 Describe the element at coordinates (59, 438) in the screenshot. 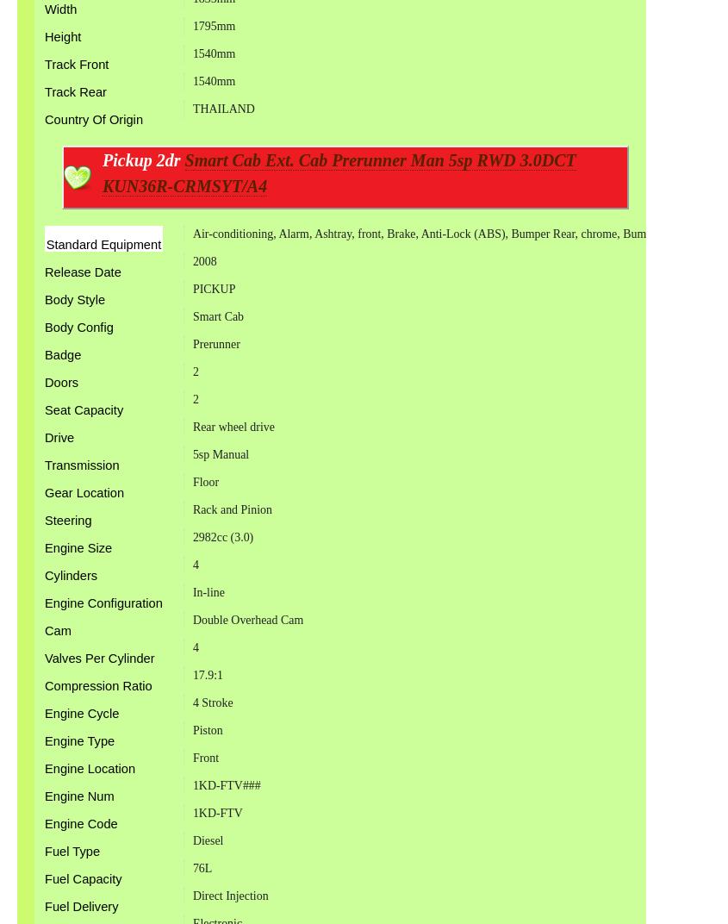

I see `'Drive'` at that location.